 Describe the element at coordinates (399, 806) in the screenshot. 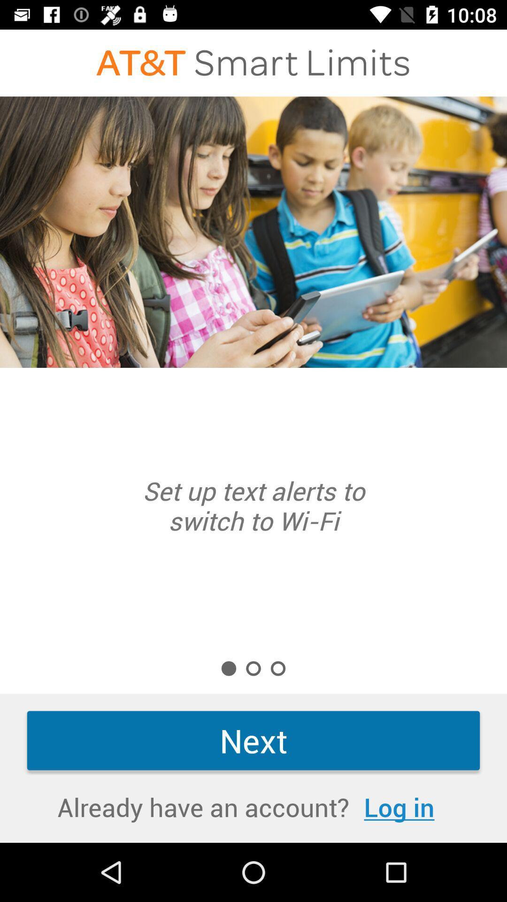

I see `the item below the next` at that location.